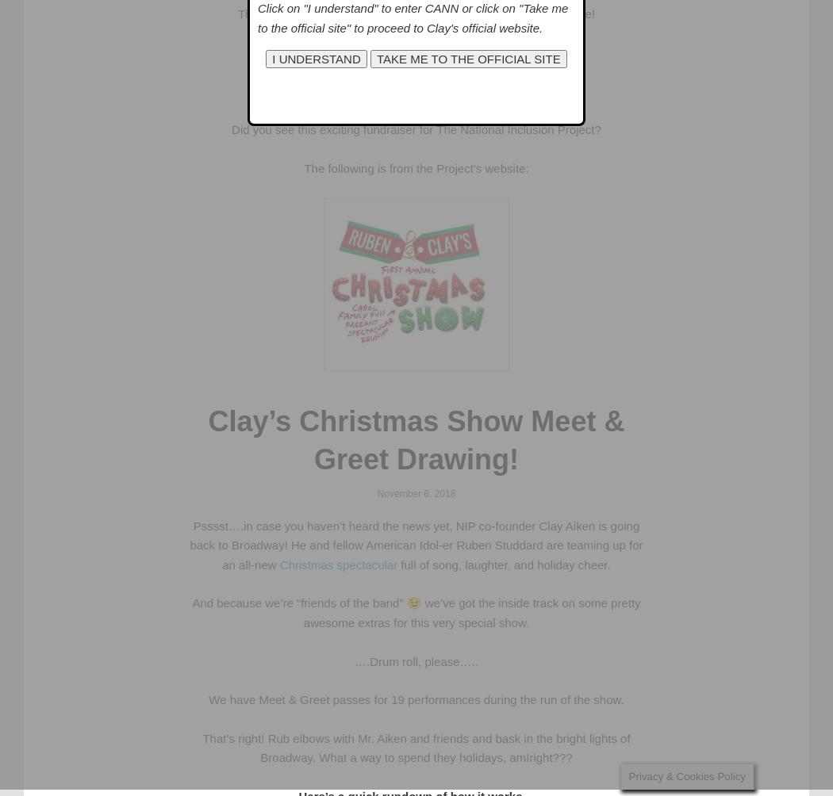  I want to click on '….Drum roll, please…..', so click(415, 660).